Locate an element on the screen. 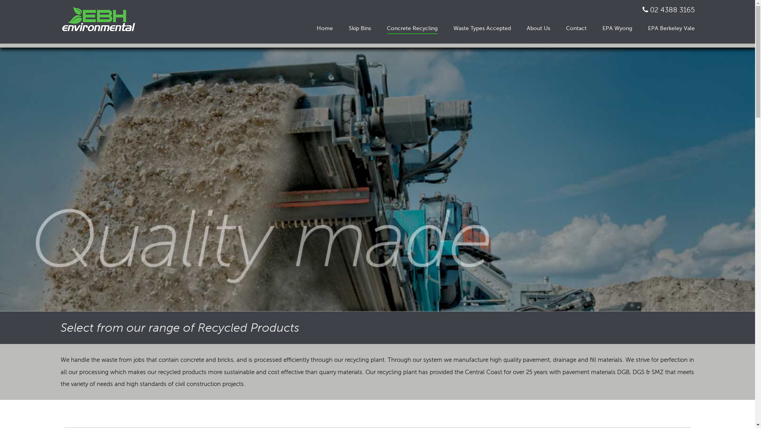 The width and height of the screenshot is (761, 428). 'EPA Wyong' is located at coordinates (617, 28).